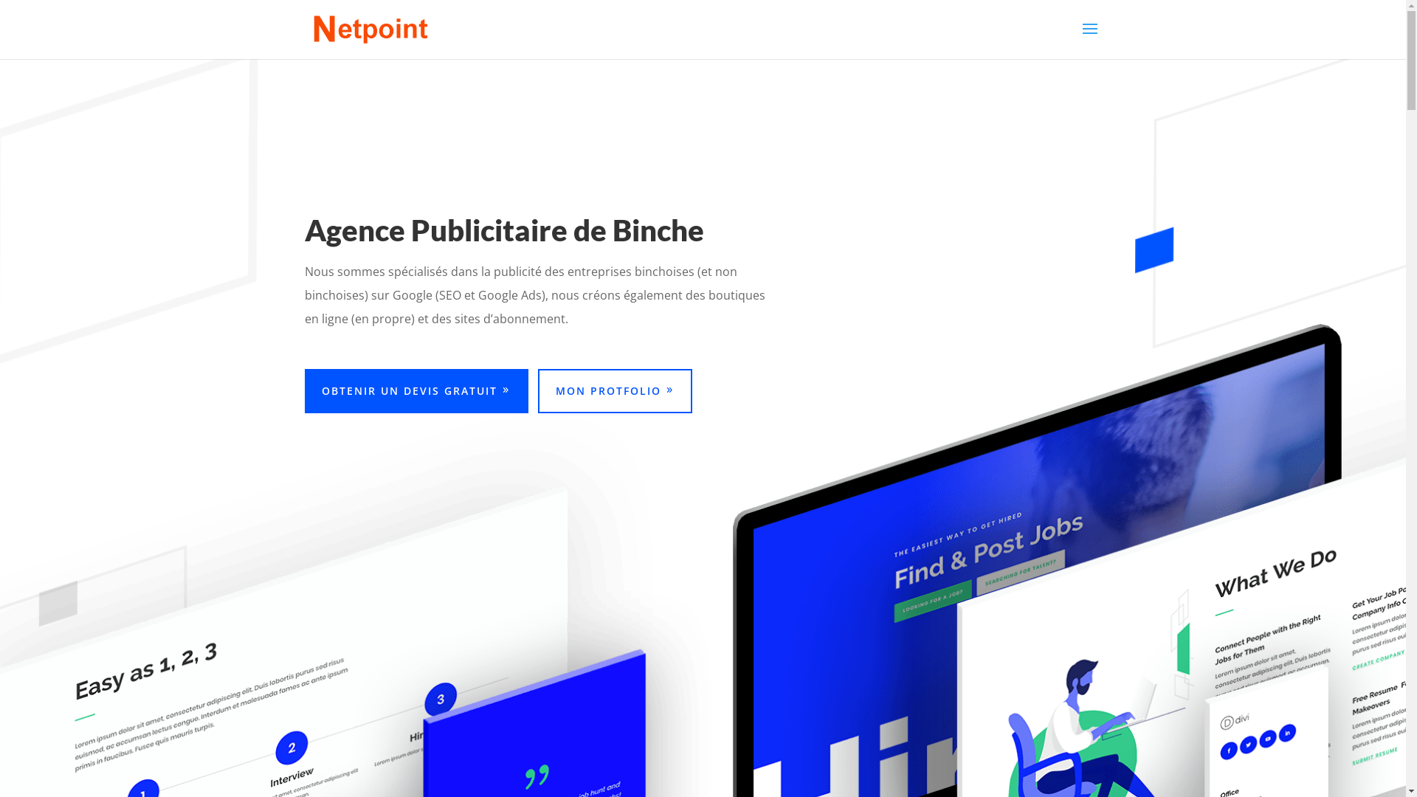  Describe the element at coordinates (615, 390) in the screenshot. I see `'MON PROTFOLIO'` at that location.